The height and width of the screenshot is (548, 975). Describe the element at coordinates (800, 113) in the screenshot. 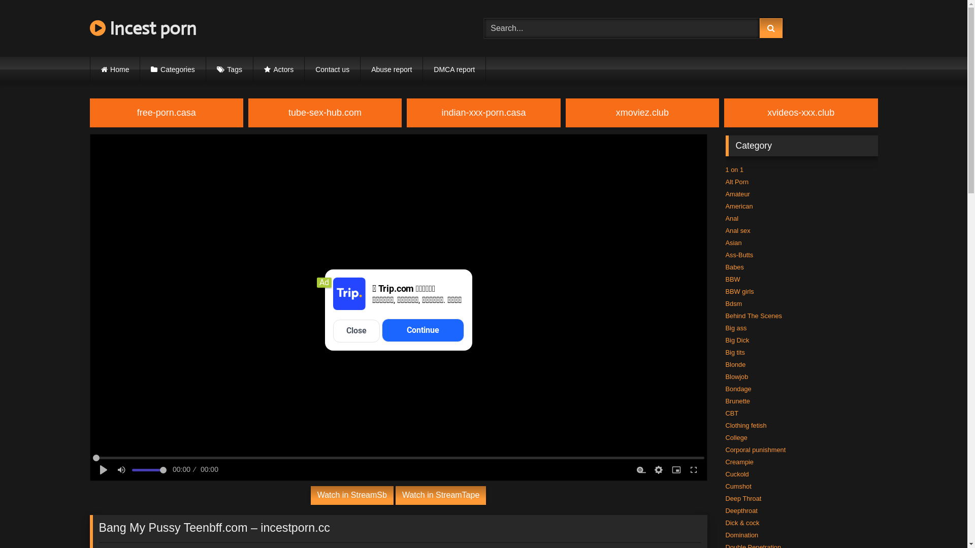

I see `'xvideos-xxx.club'` at that location.